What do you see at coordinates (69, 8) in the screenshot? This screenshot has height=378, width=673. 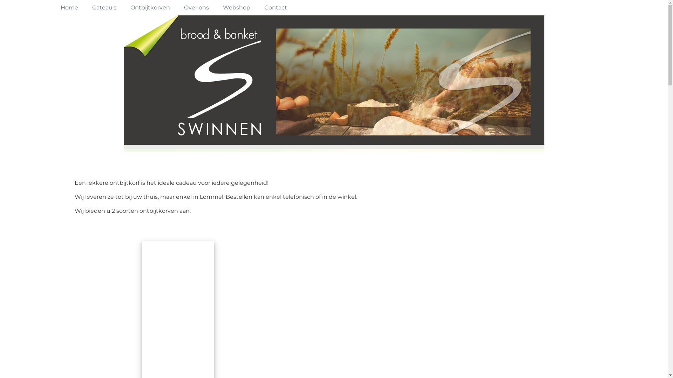 I see `'Home'` at bounding box center [69, 8].